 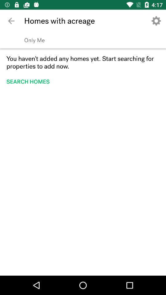 I want to click on search homes item, so click(x=30, y=81).